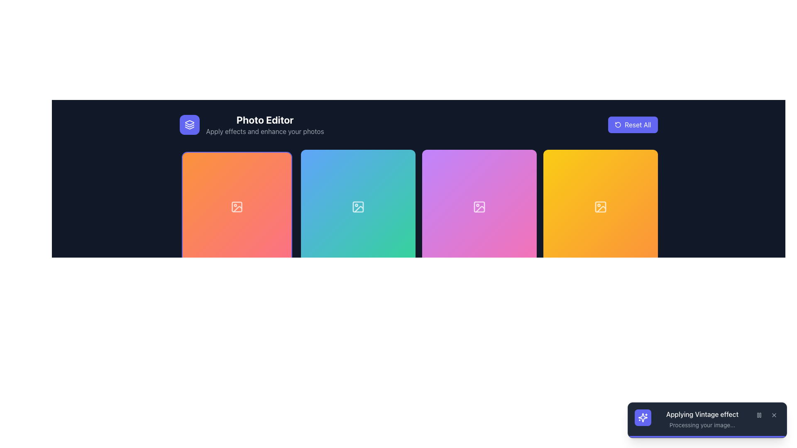 The width and height of the screenshot is (797, 448). I want to click on the rounded square icon with an indigo background and a white graphic, located to the left of the 'Photo Editor' heading, so click(189, 124).